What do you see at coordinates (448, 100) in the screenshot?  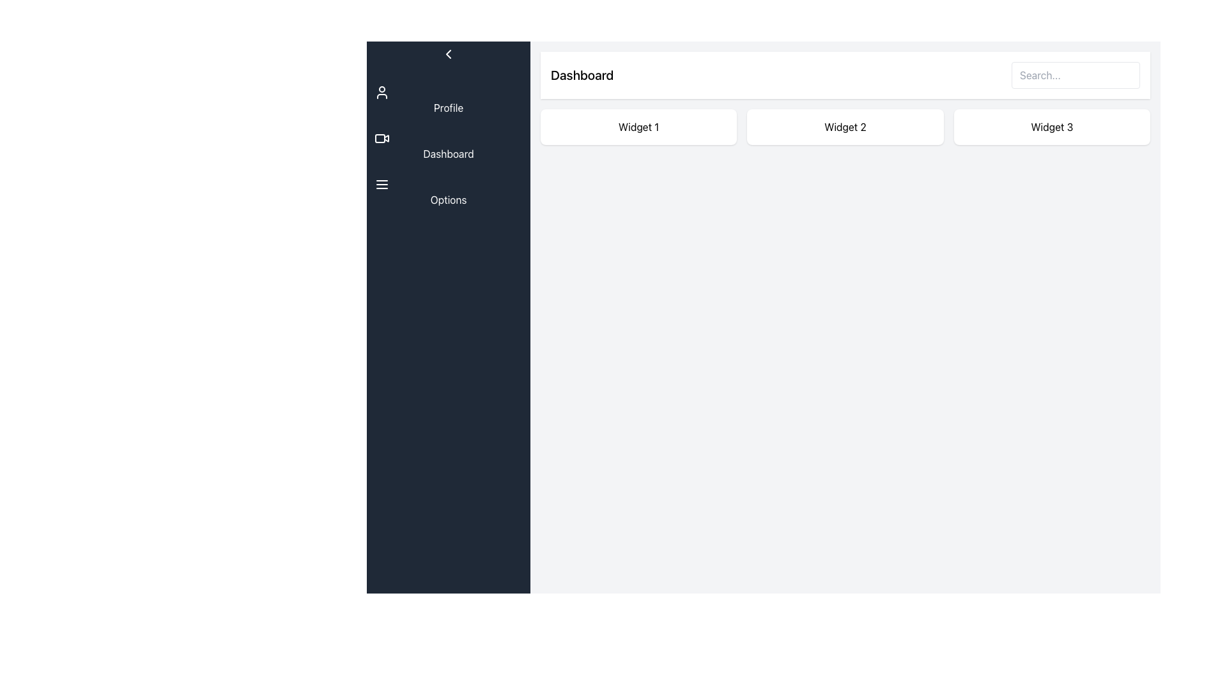 I see `the 'Profile' button located in the navigation panel, which has a person icon on the left and white text on the right` at bounding box center [448, 100].